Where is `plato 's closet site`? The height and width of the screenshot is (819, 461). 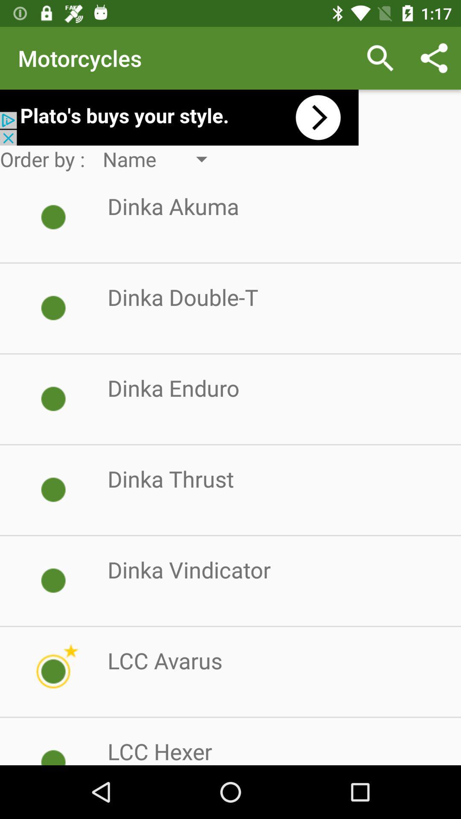
plato 's closet site is located at coordinates (179, 117).